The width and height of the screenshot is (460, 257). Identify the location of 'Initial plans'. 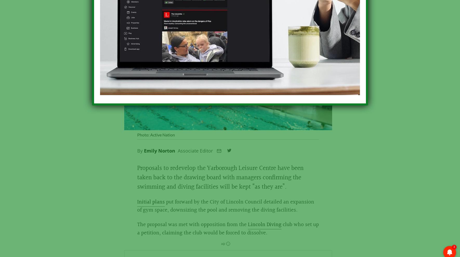
(151, 205).